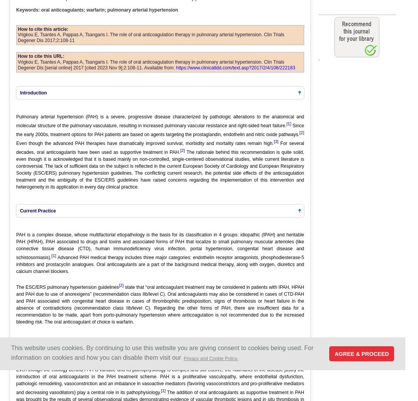 Image resolution: width=418 pixels, height=401 pixels. I want to click on 'AGREE & PROCEED', so click(334, 353).